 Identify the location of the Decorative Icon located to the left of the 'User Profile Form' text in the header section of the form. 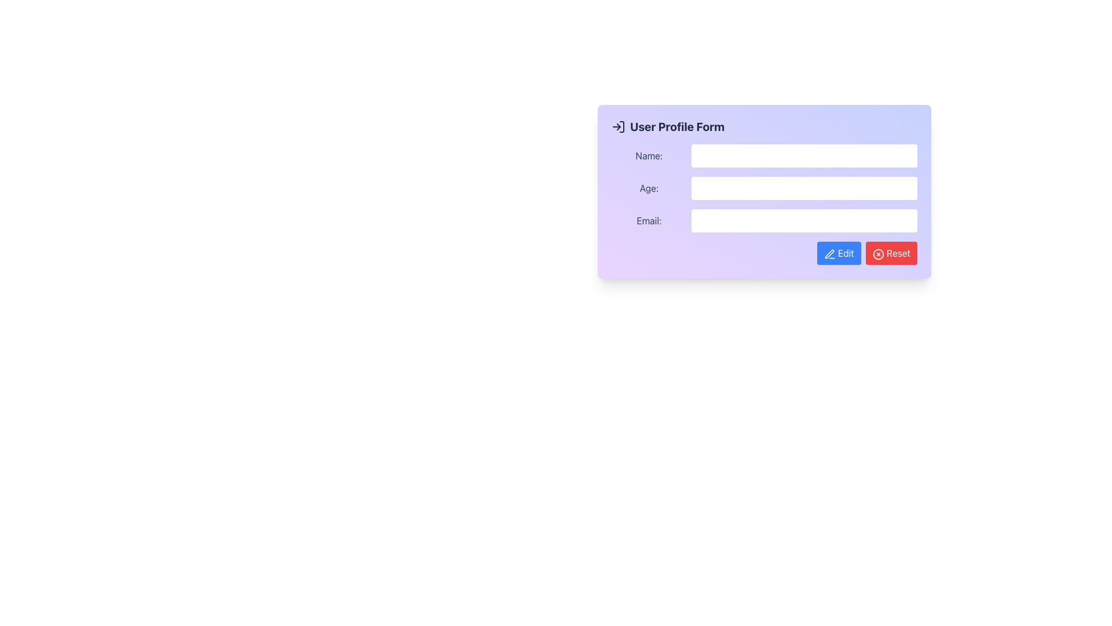
(618, 127).